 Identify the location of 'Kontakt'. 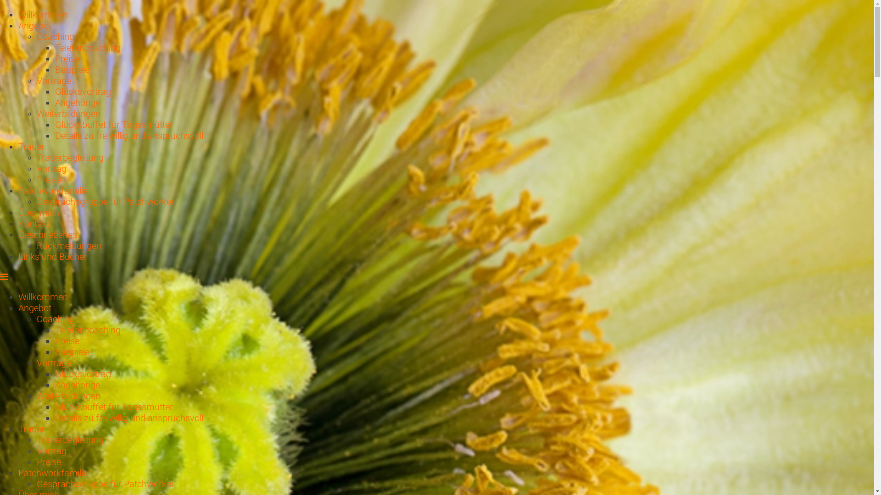
(33, 224).